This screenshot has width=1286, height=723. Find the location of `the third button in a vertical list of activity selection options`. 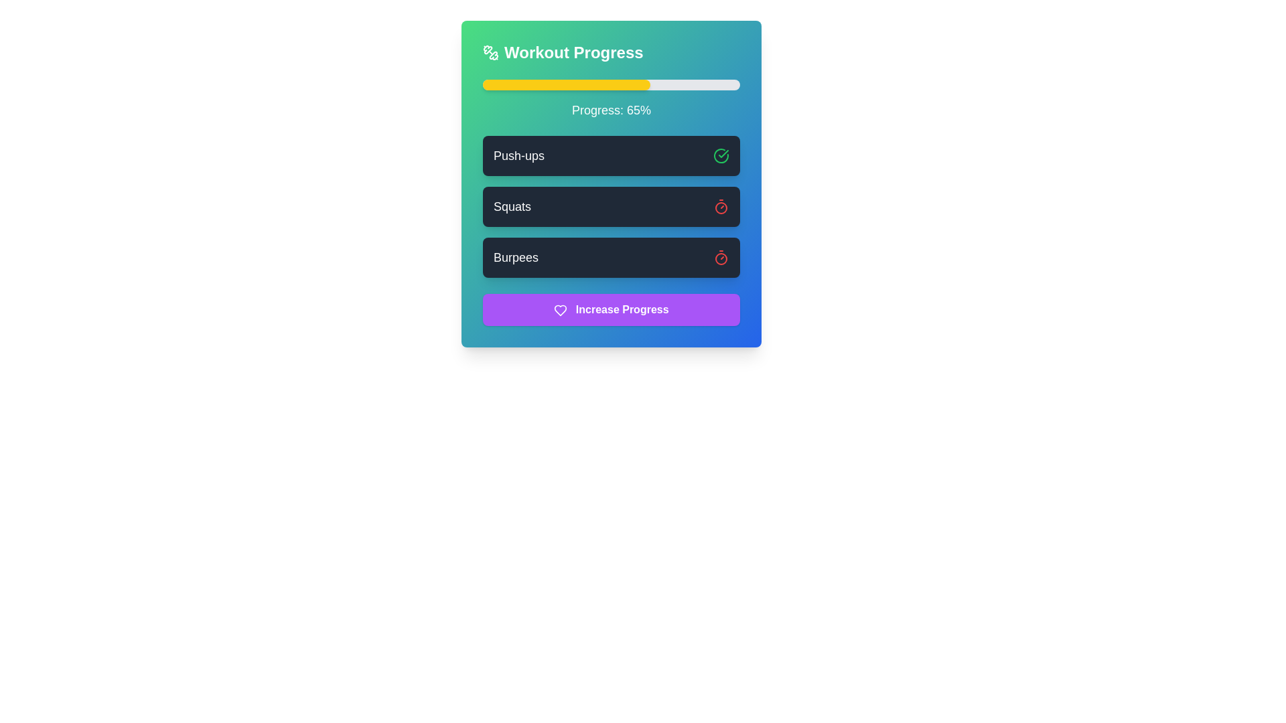

the third button in a vertical list of activity selection options is located at coordinates (610, 258).